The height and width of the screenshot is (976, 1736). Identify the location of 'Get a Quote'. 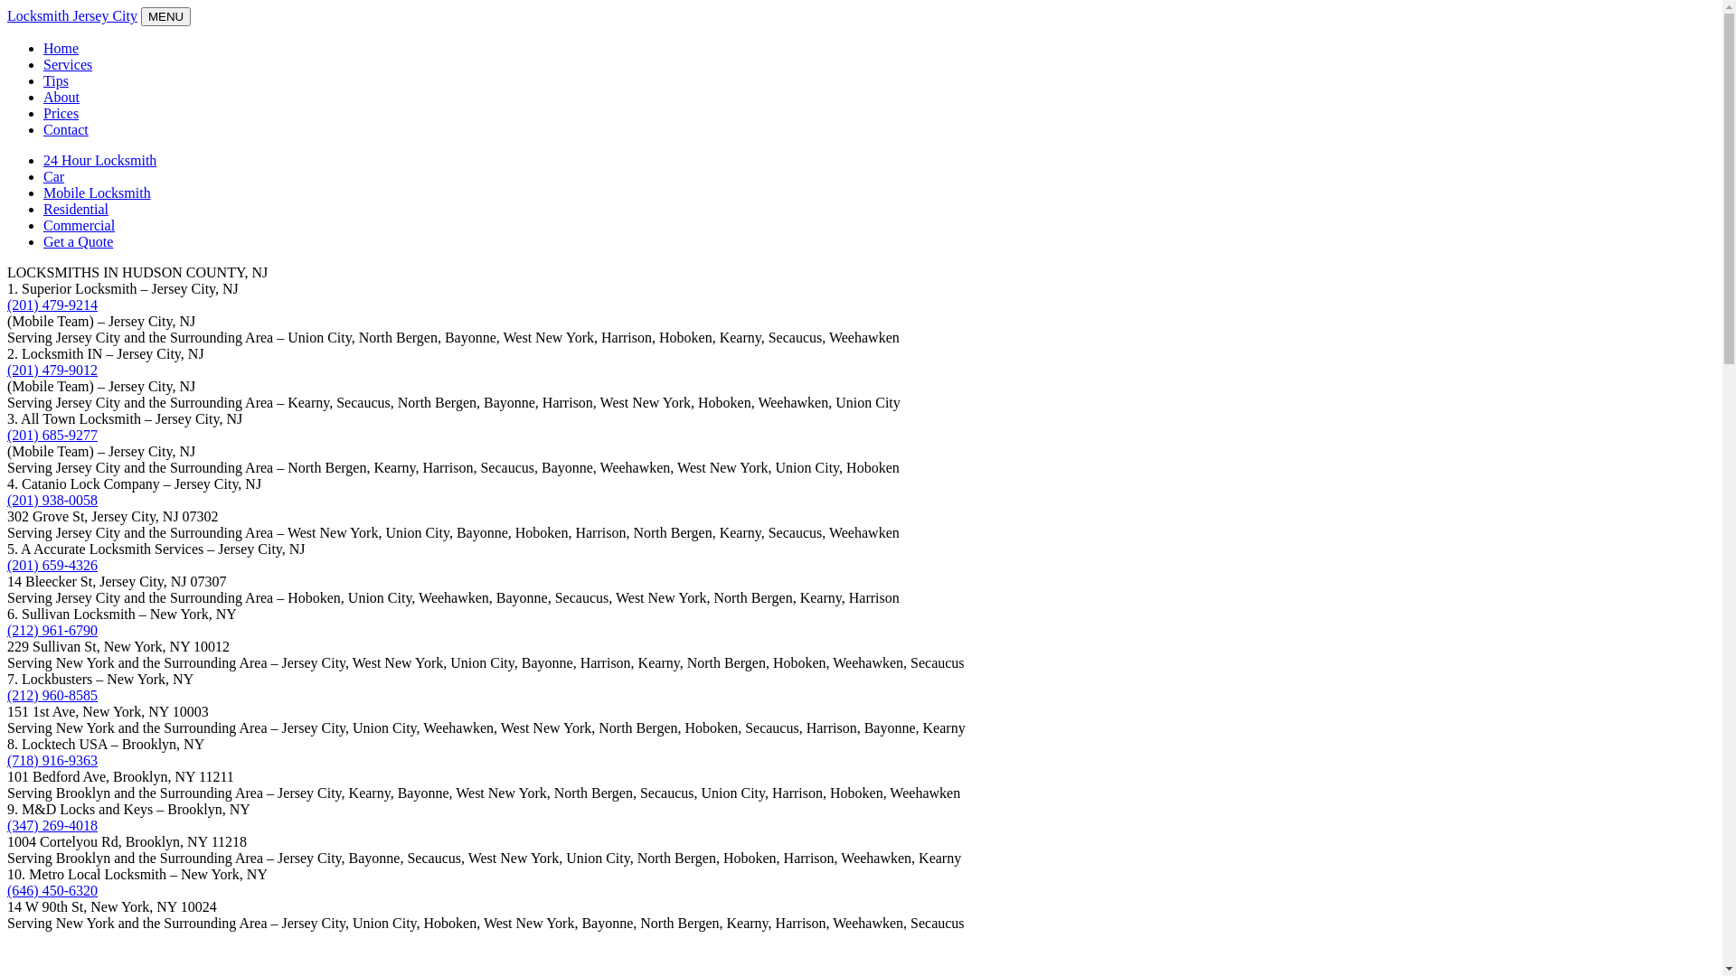
(77, 240).